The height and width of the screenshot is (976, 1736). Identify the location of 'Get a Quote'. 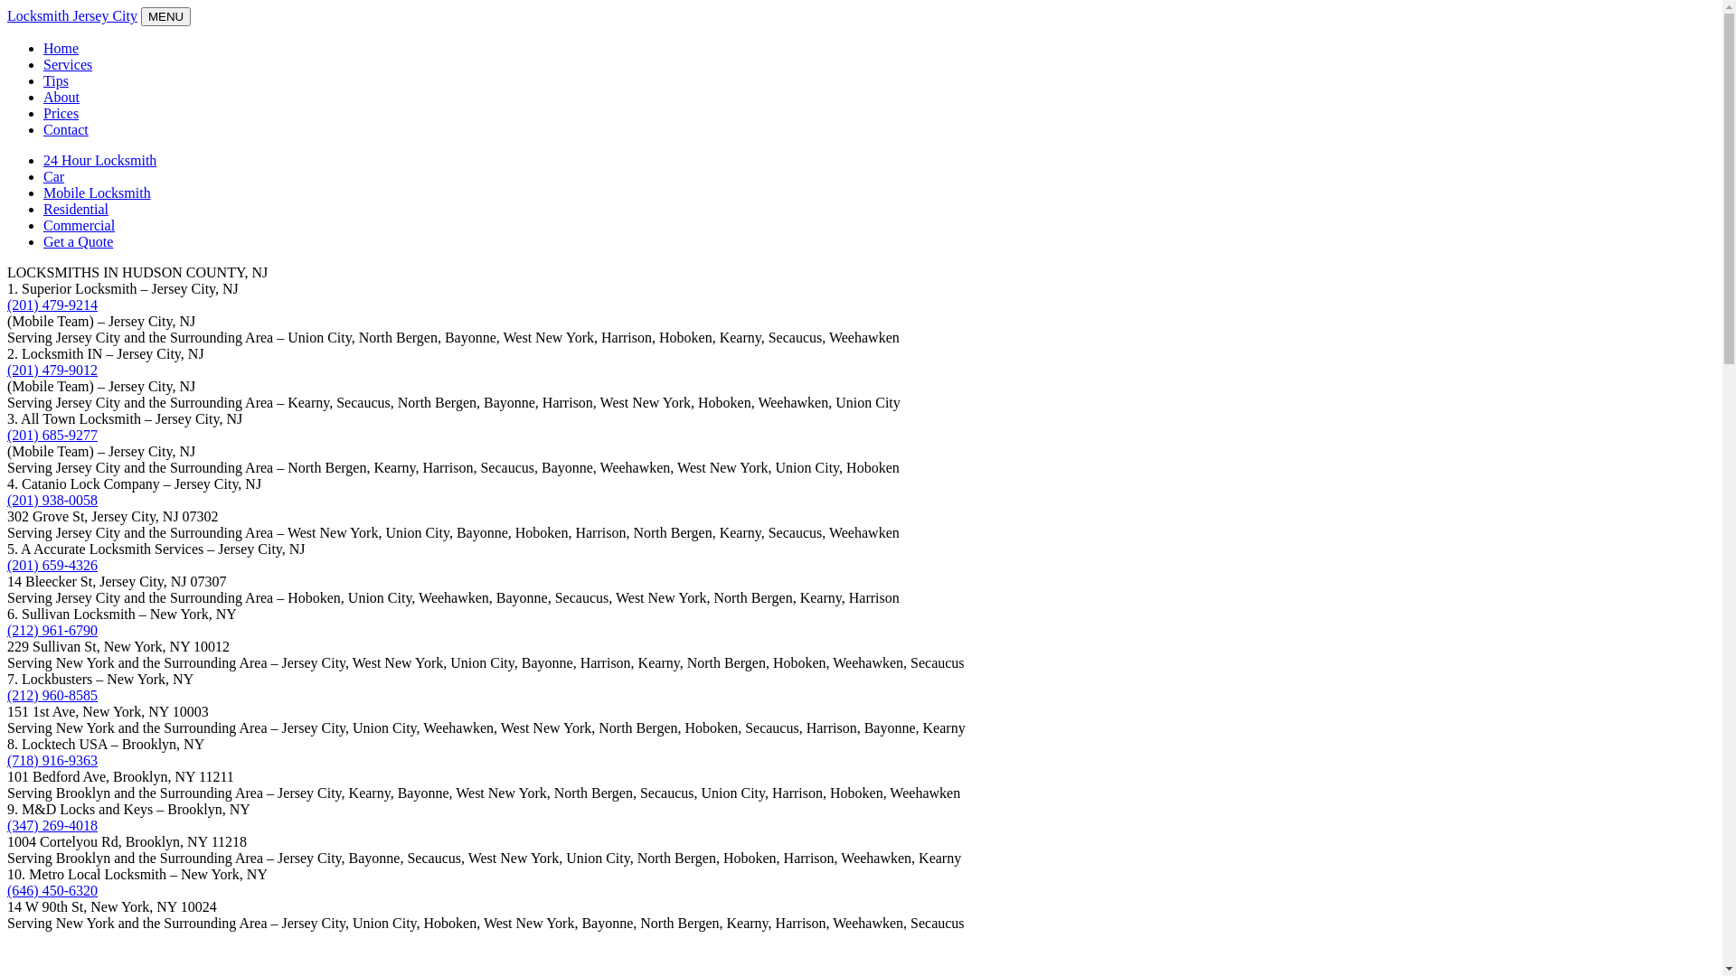
(77, 240).